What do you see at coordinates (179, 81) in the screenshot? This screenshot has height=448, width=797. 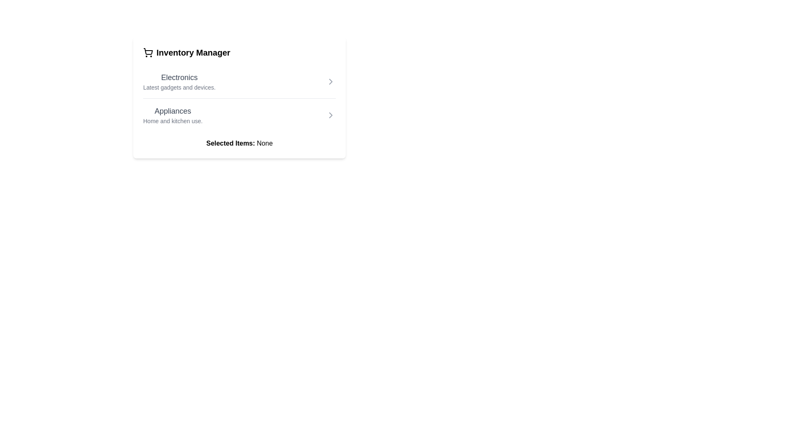 I see `the navigational entry labeled 'Electronics' in the 'Inventory Manager' panel, which is the first item in a vertical list above 'Appliances'` at bounding box center [179, 81].